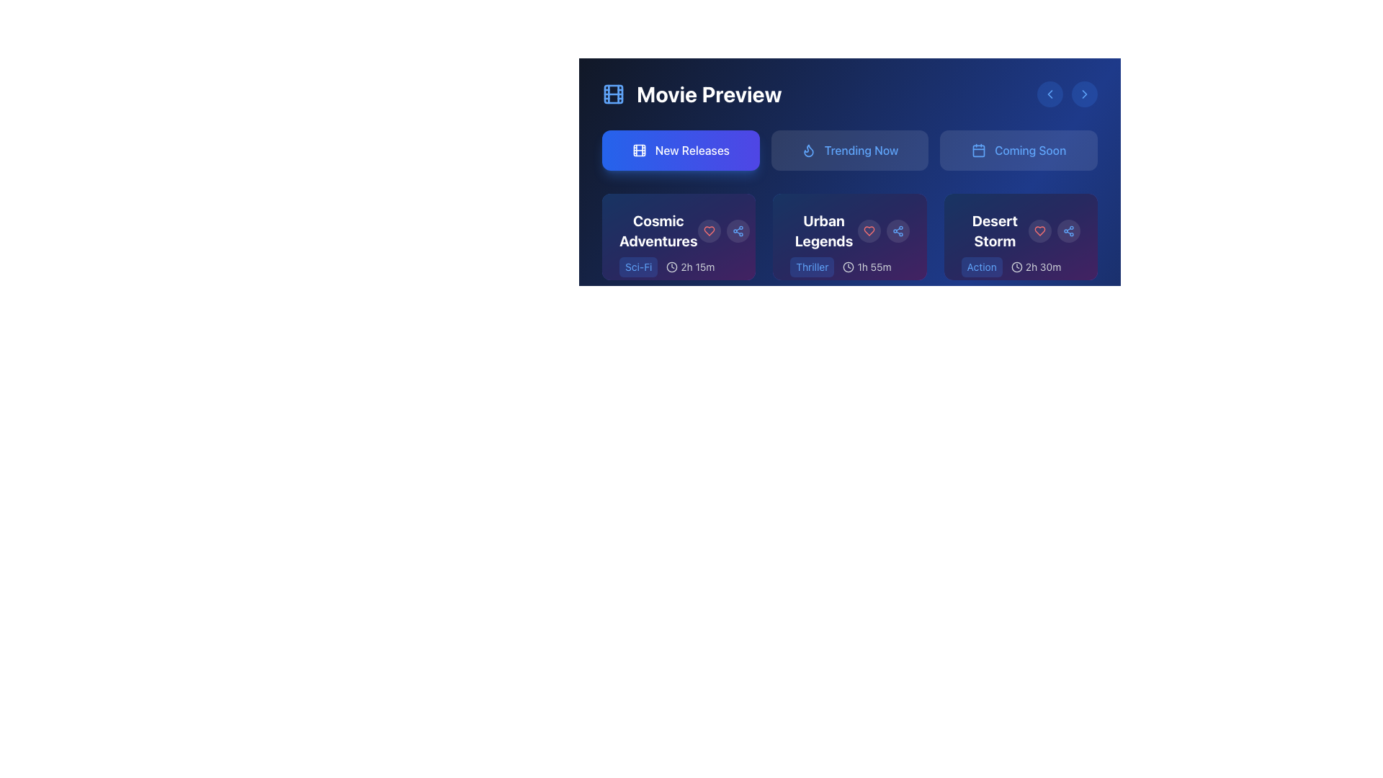 The image size is (1383, 778). What do you see at coordinates (978, 151) in the screenshot?
I see `the blue calendar icon located within the 'Coming Soon' button, which is the third button in the navigation bar` at bounding box center [978, 151].